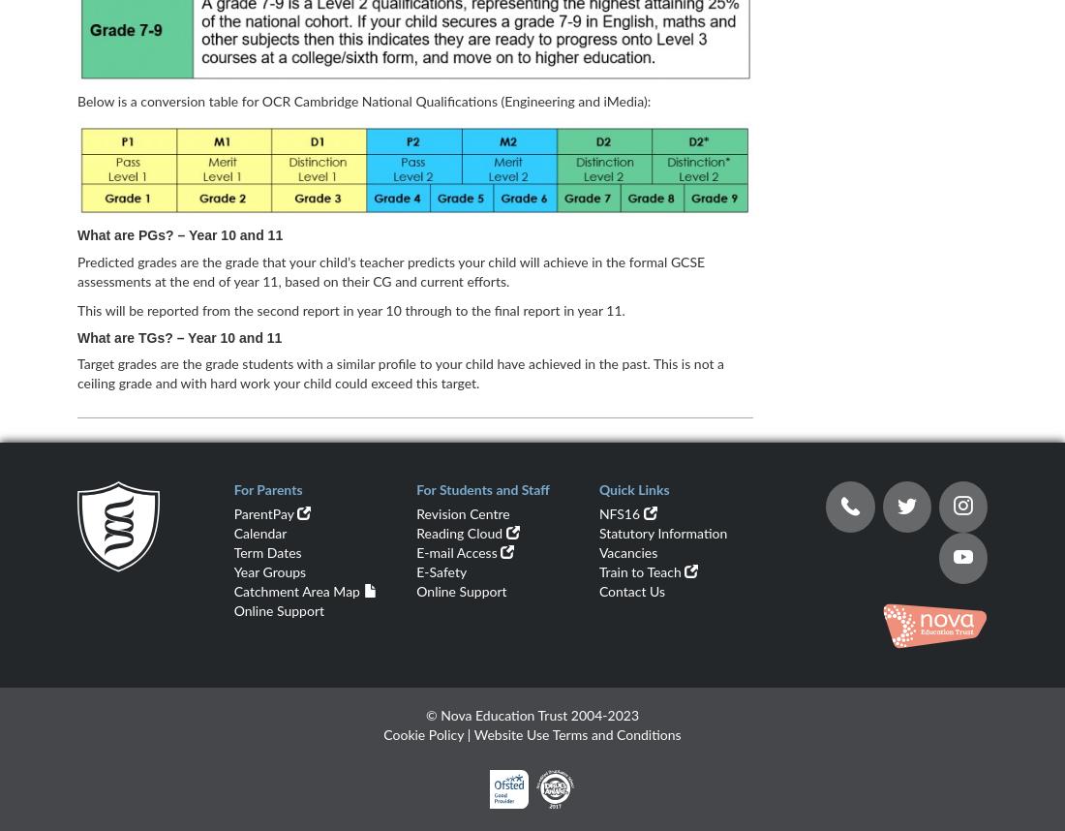 The image size is (1065, 831). I want to click on 'Catchment Area Map', so click(233, 593).